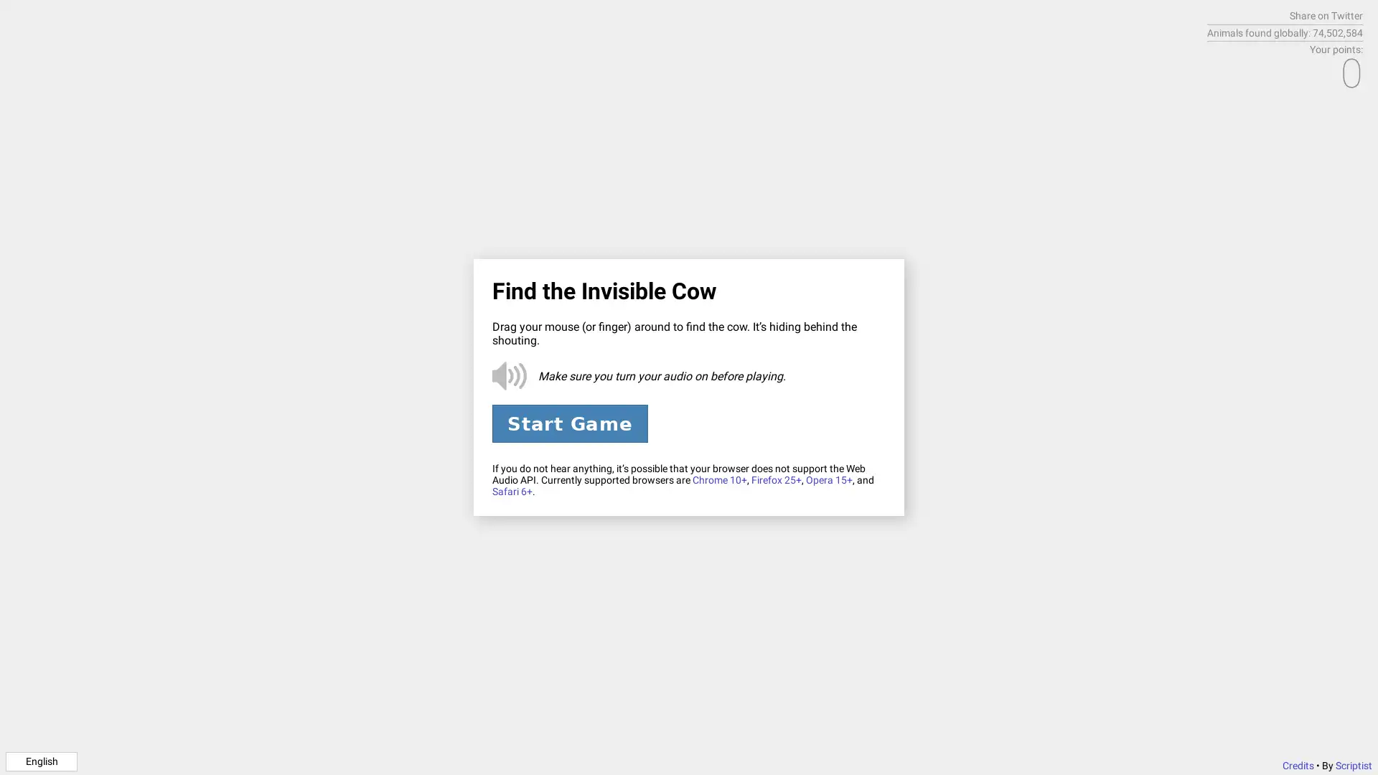  Describe the element at coordinates (41, 760) in the screenshot. I see `English` at that location.